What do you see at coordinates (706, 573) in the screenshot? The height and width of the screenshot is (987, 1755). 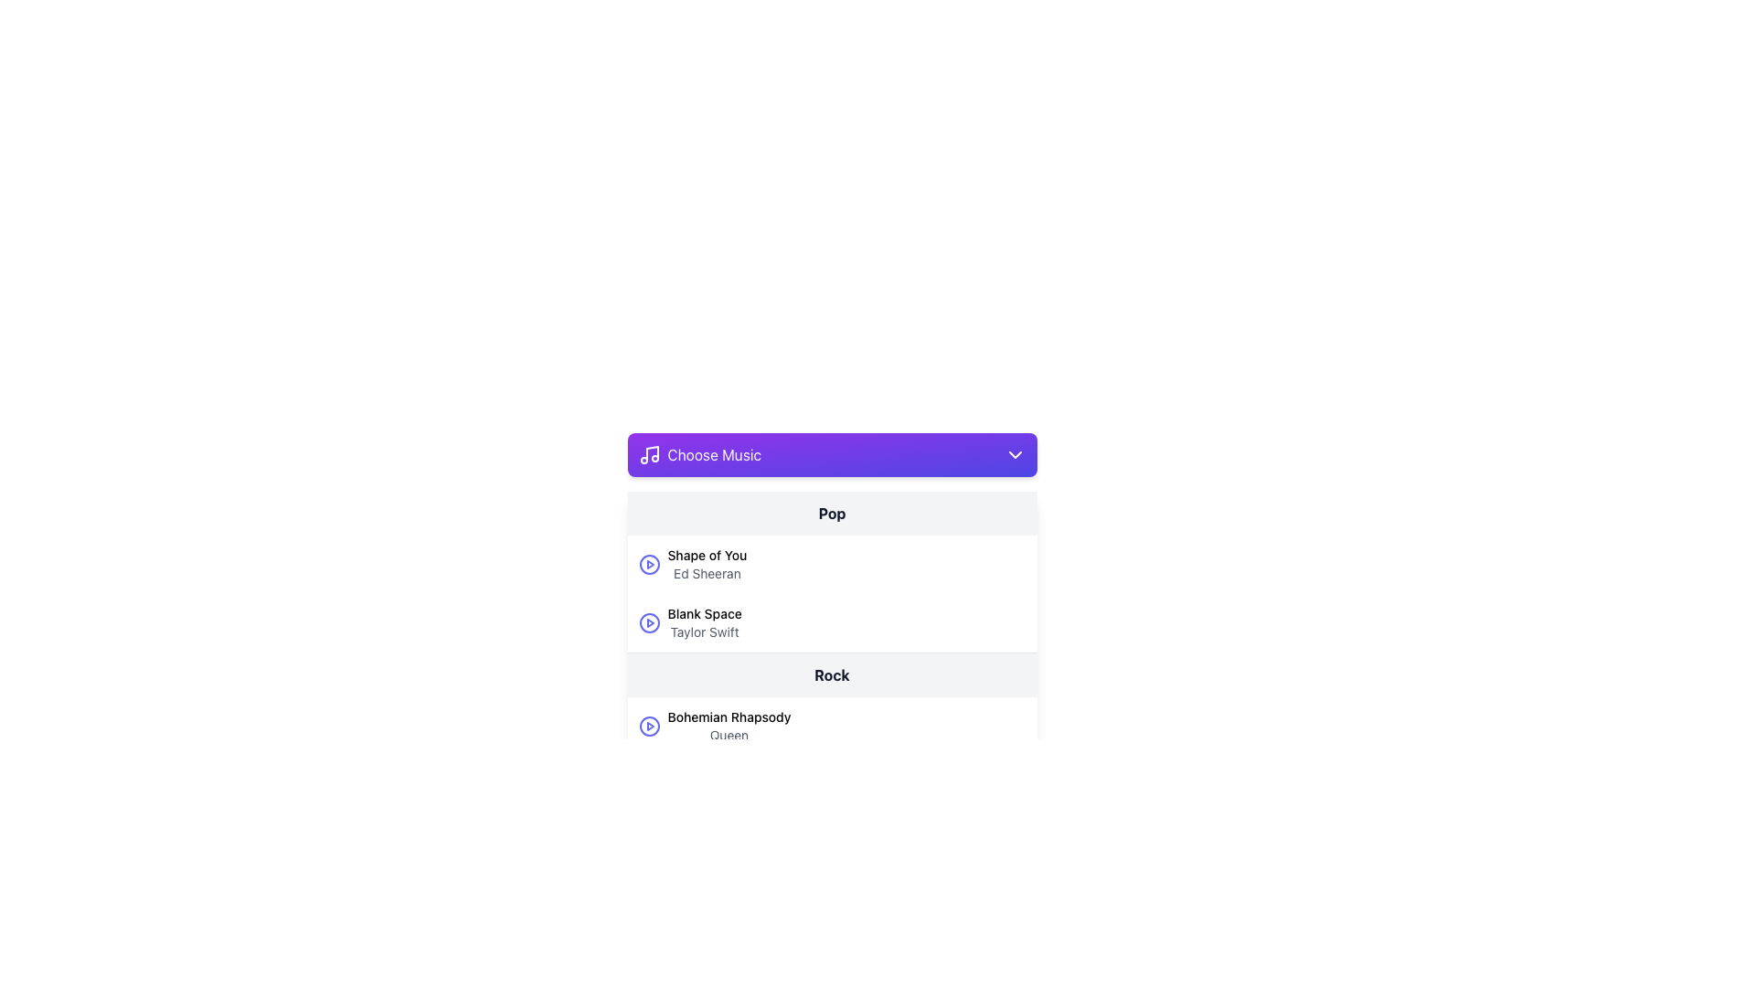 I see `the text label displaying 'Ed Sheeran' in gray font, which is located below 'Shape of You' in the 'Pop' section` at bounding box center [706, 573].